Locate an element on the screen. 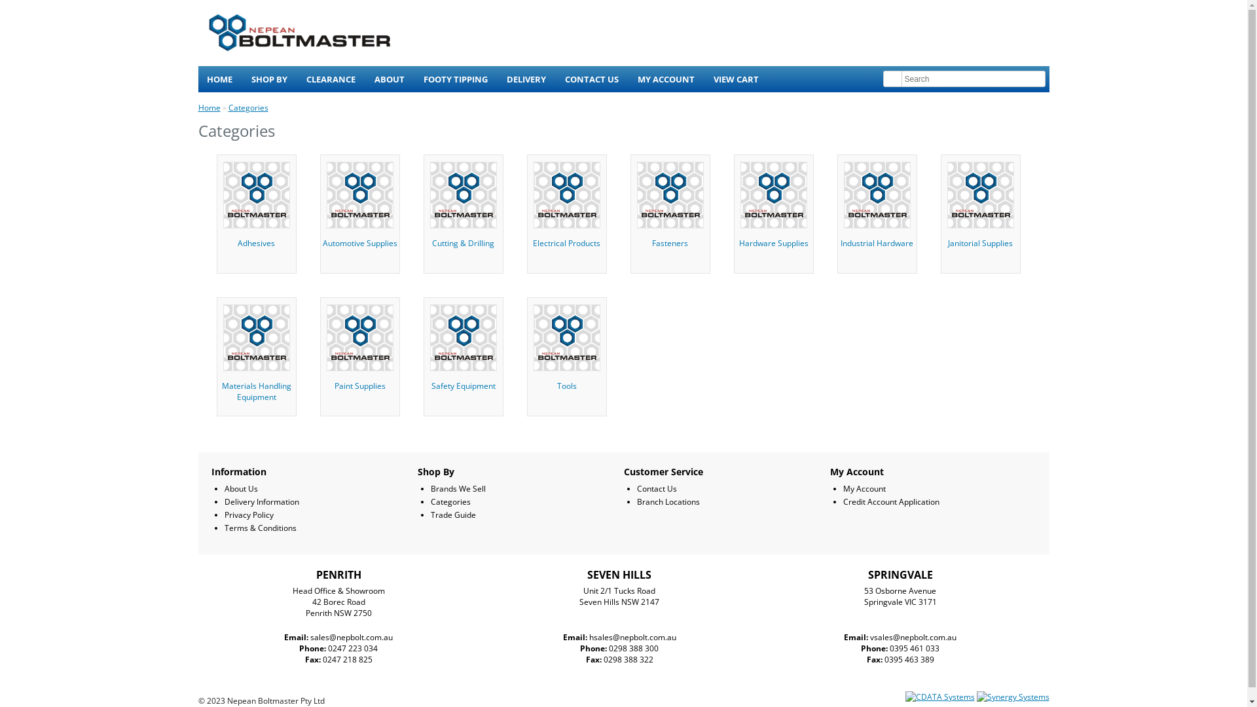 The image size is (1257, 707). 'Materials Handling Equipment' is located at coordinates (217, 351).